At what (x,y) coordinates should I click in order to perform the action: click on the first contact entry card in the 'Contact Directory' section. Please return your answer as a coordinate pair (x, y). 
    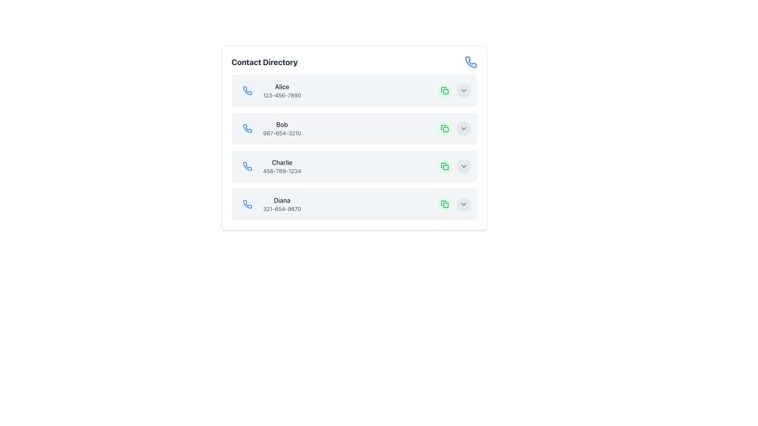
    Looking at the image, I should click on (269, 90).